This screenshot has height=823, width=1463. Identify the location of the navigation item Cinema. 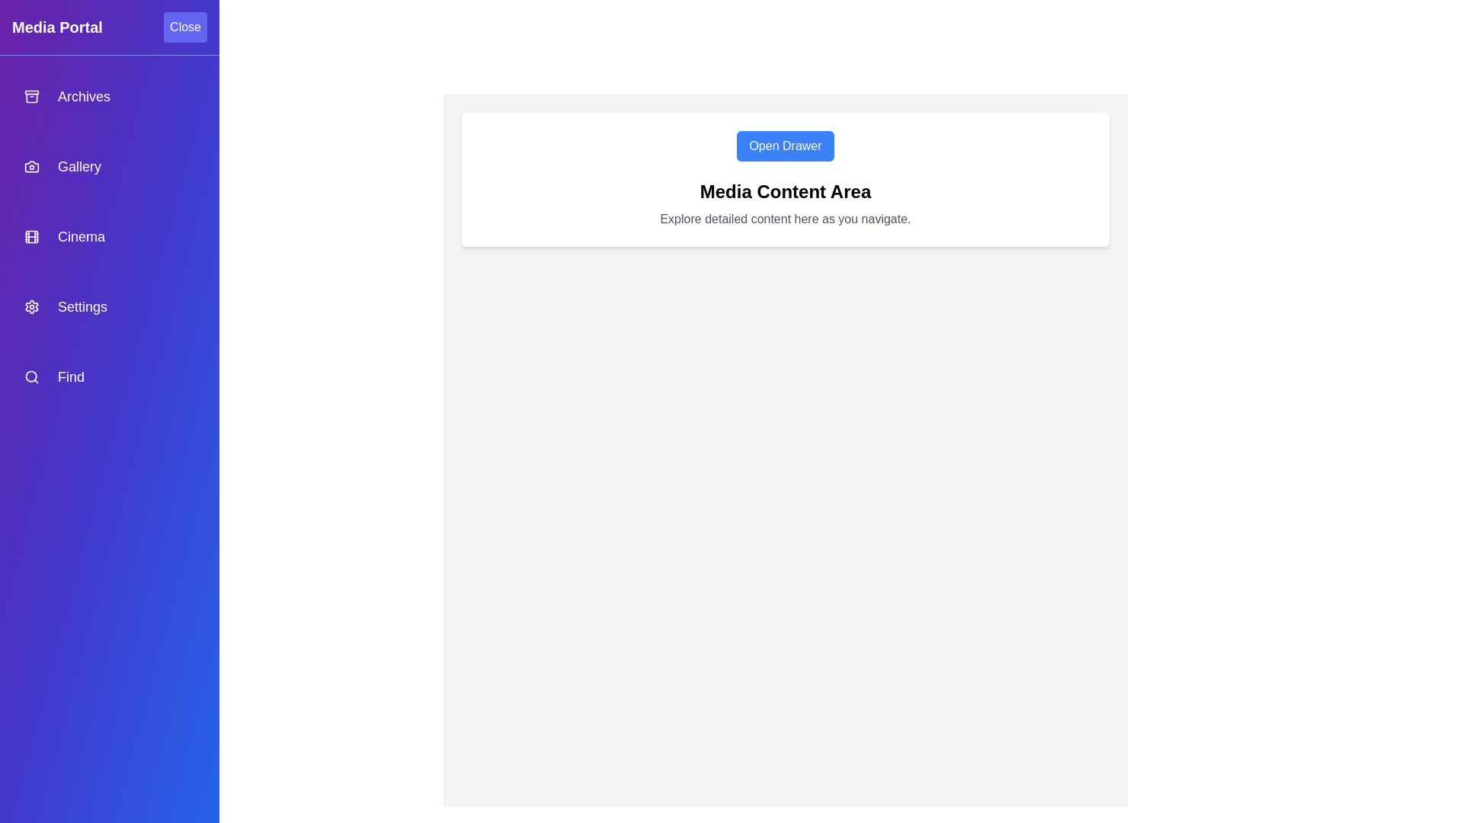
(109, 237).